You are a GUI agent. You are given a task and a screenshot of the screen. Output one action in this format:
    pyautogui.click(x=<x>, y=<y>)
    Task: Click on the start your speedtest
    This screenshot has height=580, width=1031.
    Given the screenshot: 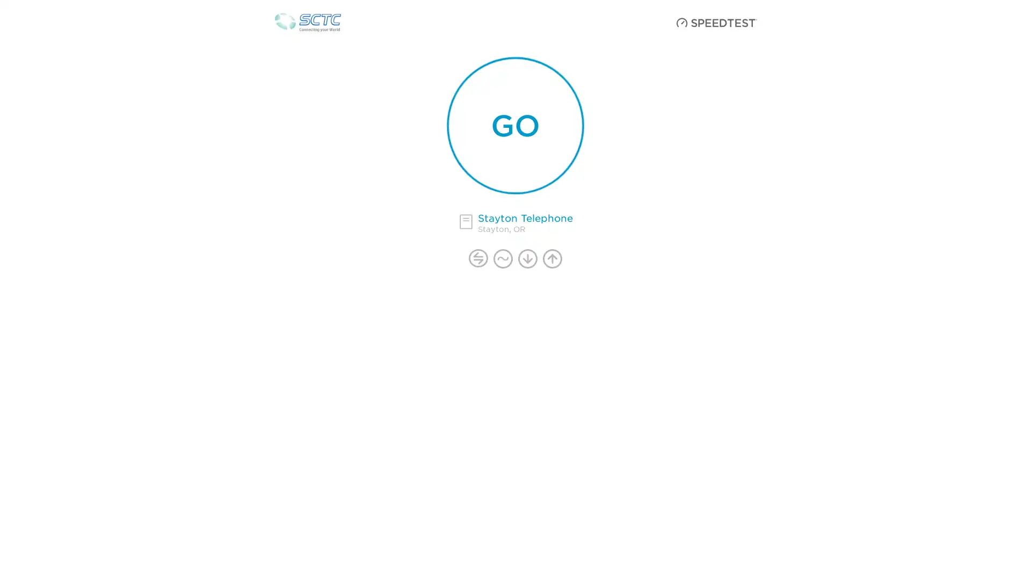 What is the action you would take?
    pyautogui.click(x=515, y=125)
    